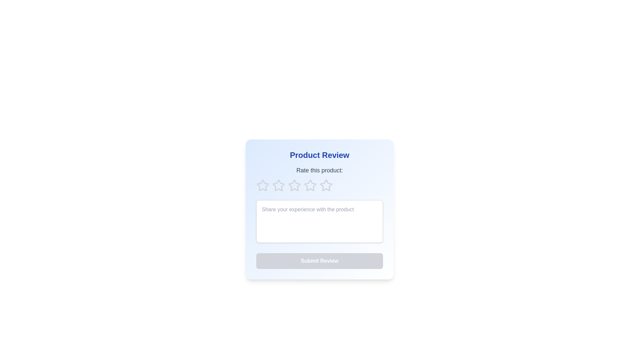 This screenshot has height=356, width=634. Describe the element at coordinates (326, 186) in the screenshot. I see `the fifth rating star icon` at that location.